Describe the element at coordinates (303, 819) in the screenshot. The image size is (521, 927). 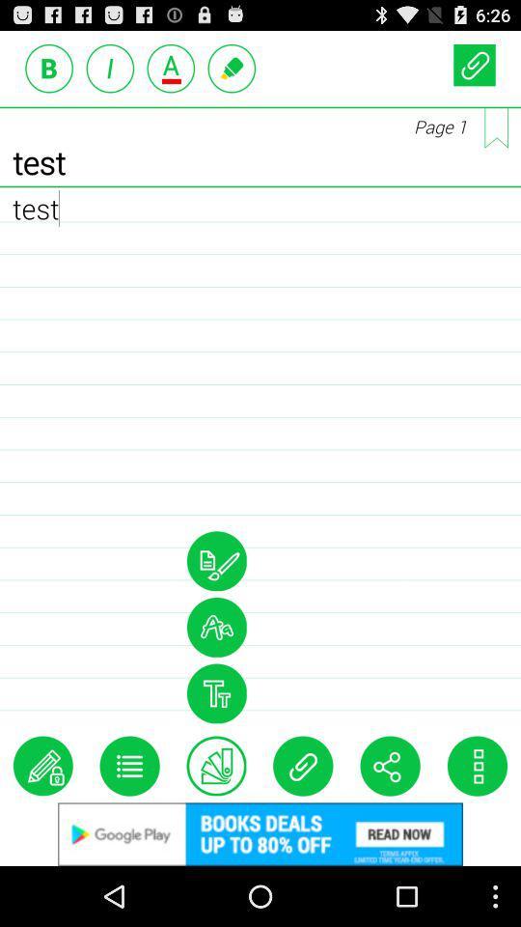
I see `the attach_file icon` at that location.